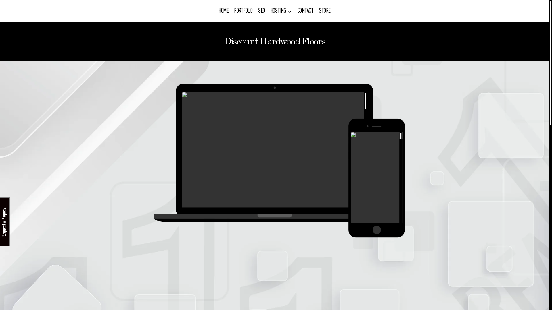 The image size is (552, 310). I want to click on 'SEO', so click(261, 11).